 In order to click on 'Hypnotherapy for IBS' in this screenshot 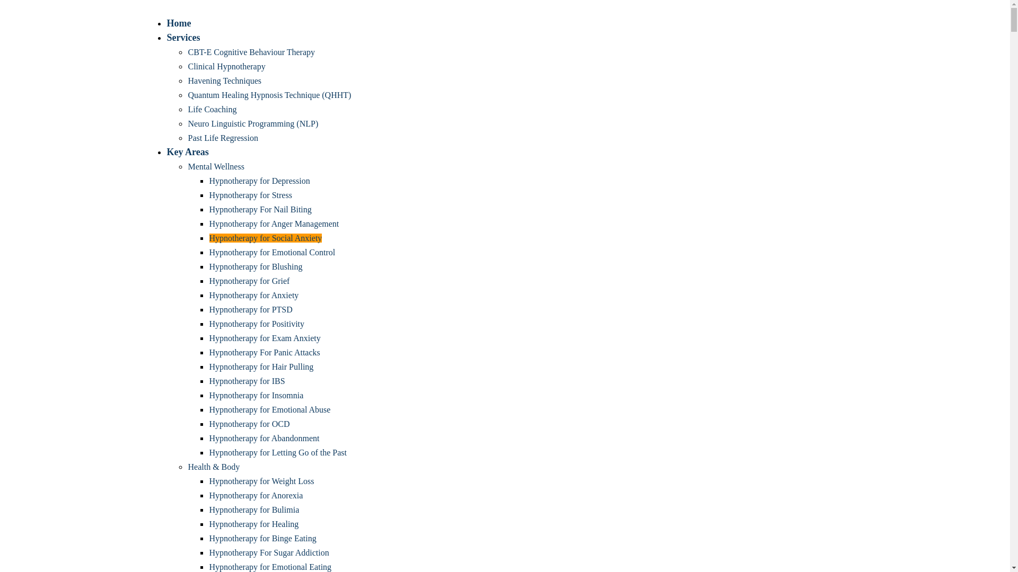, I will do `click(246, 380)`.